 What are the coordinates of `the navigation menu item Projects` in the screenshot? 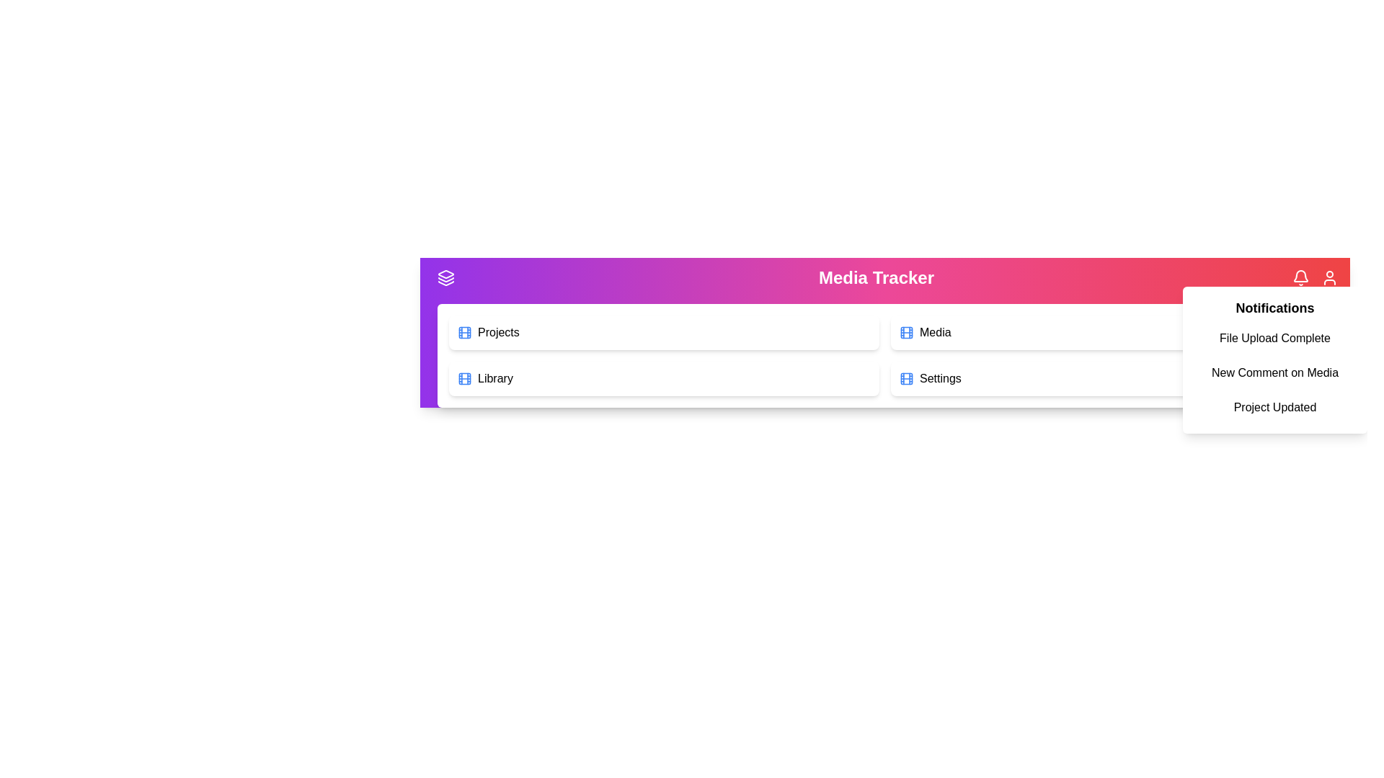 It's located at (663, 333).